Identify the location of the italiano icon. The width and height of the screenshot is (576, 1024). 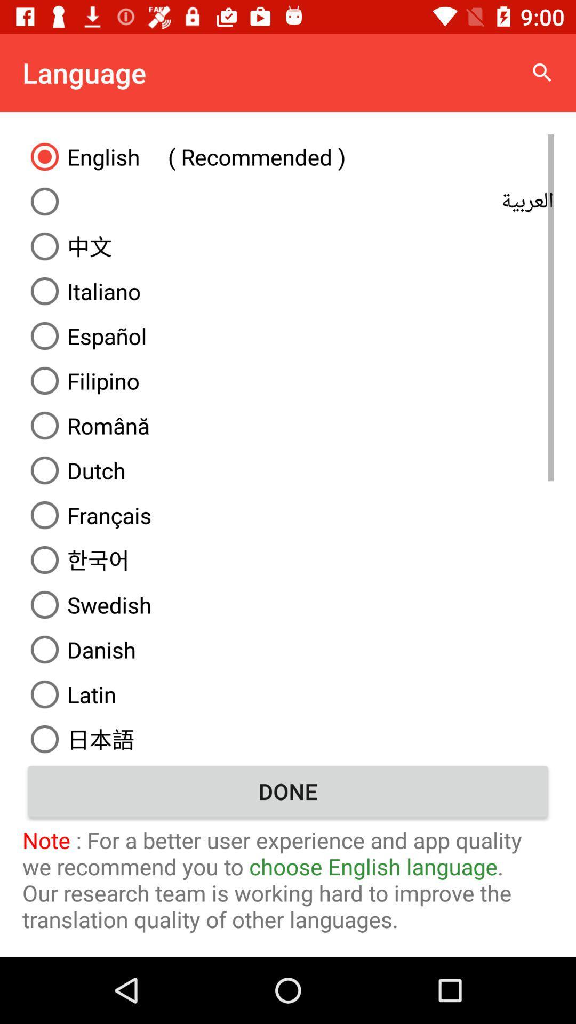
(288, 291).